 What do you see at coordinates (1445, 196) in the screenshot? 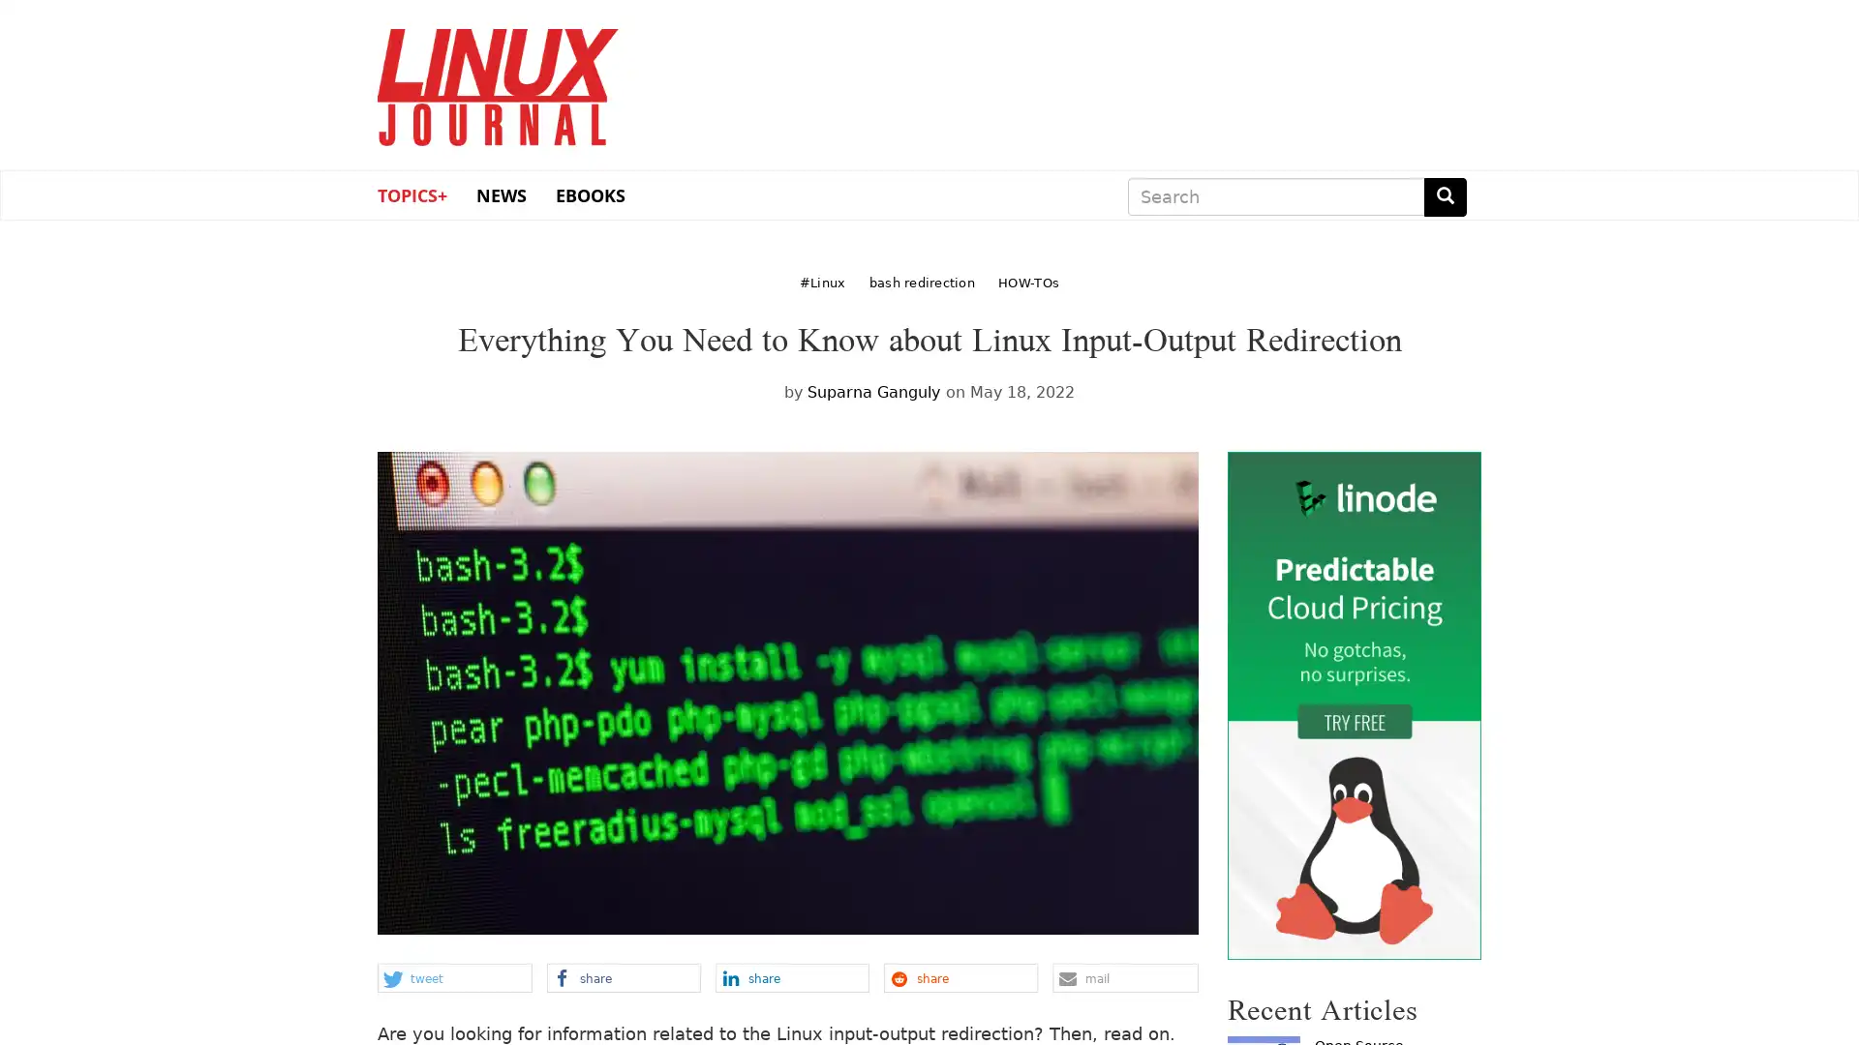
I see `Search` at bounding box center [1445, 196].